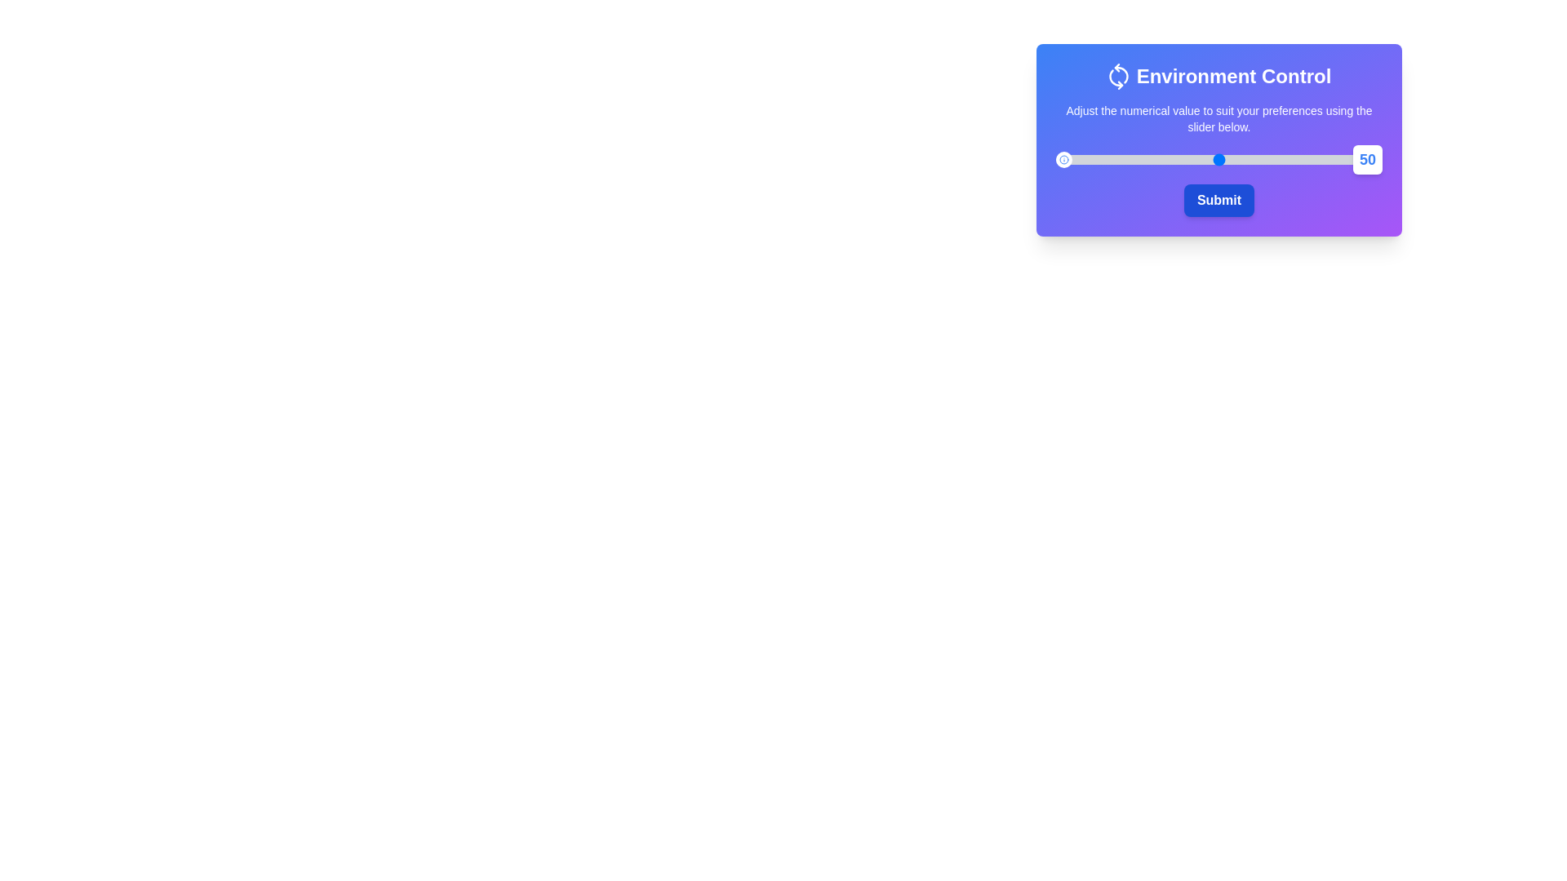 Image resolution: width=1567 pixels, height=881 pixels. Describe the element at coordinates (1284, 160) in the screenshot. I see `the slider to set the value to 70` at that location.